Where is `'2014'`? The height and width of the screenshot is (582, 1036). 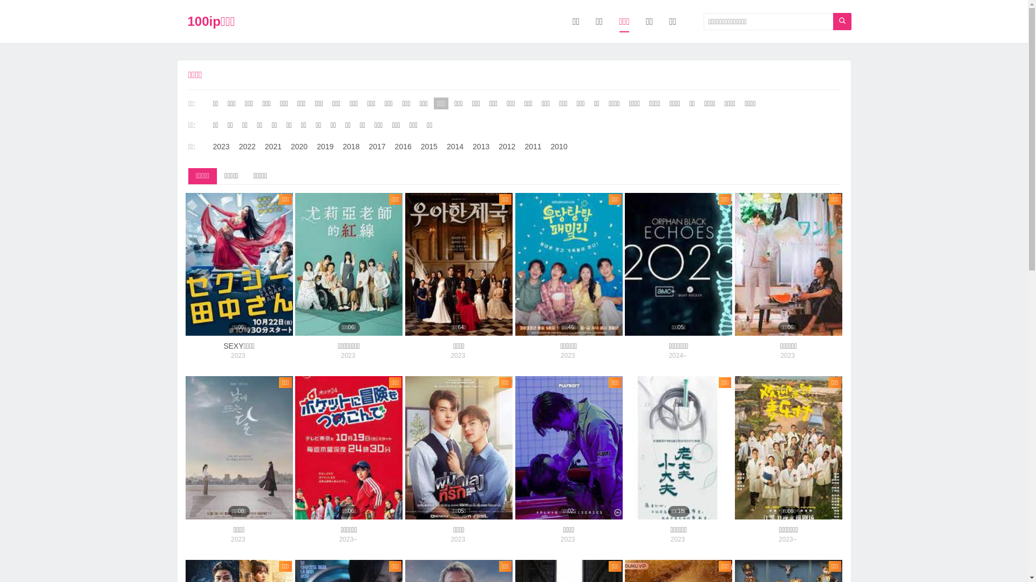 '2014' is located at coordinates (455, 147).